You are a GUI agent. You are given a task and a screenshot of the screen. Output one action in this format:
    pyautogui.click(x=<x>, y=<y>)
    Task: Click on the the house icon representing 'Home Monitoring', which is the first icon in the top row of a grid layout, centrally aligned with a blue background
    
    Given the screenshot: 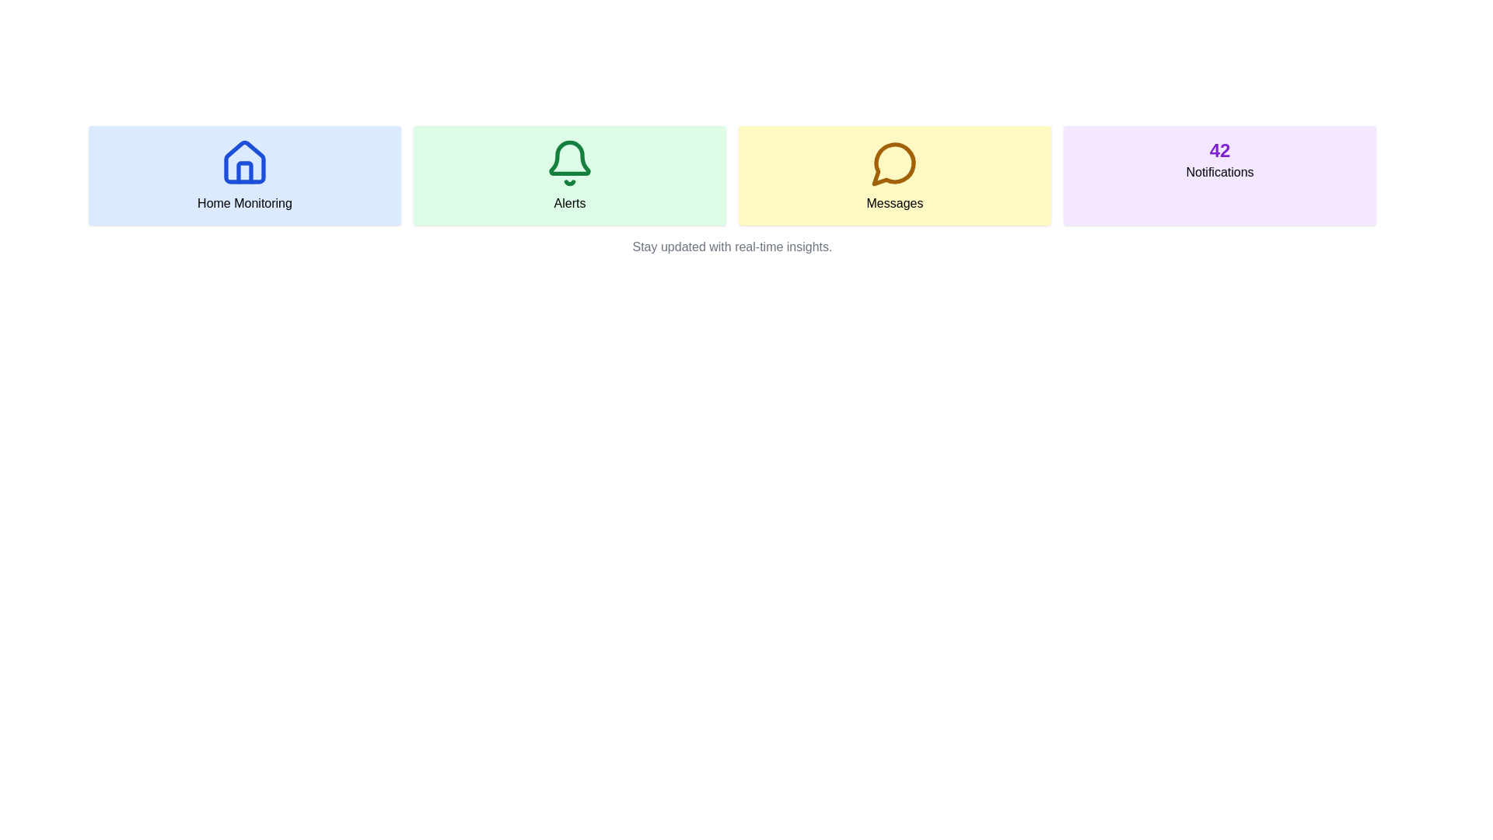 What is the action you would take?
    pyautogui.click(x=244, y=163)
    